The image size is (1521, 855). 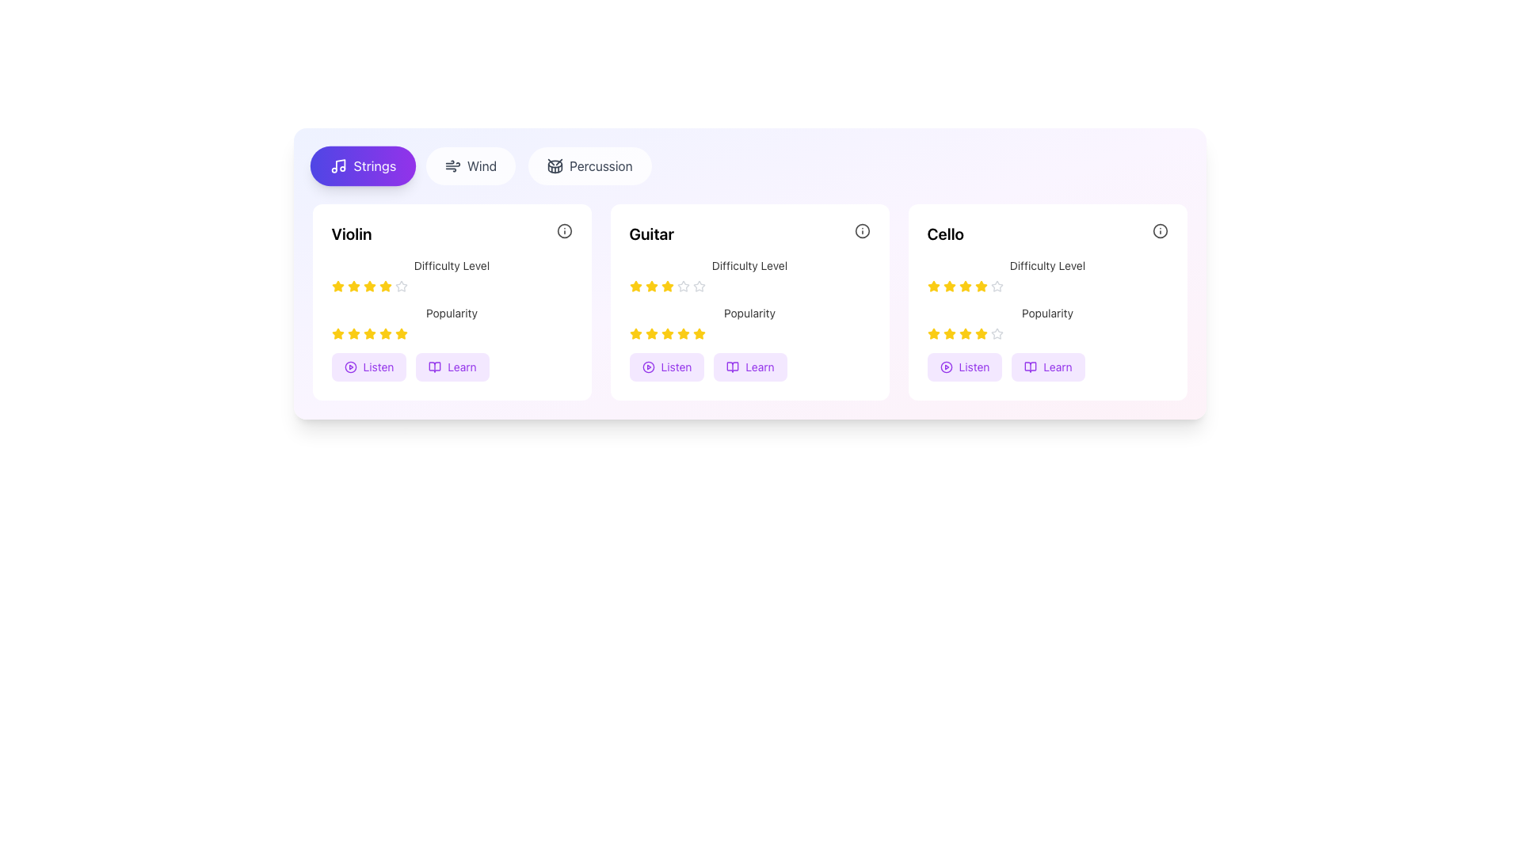 I want to click on text label displaying 'Guitar' located in the top-left part of the content card in the center of the second column of the grid layout, so click(x=651, y=234).